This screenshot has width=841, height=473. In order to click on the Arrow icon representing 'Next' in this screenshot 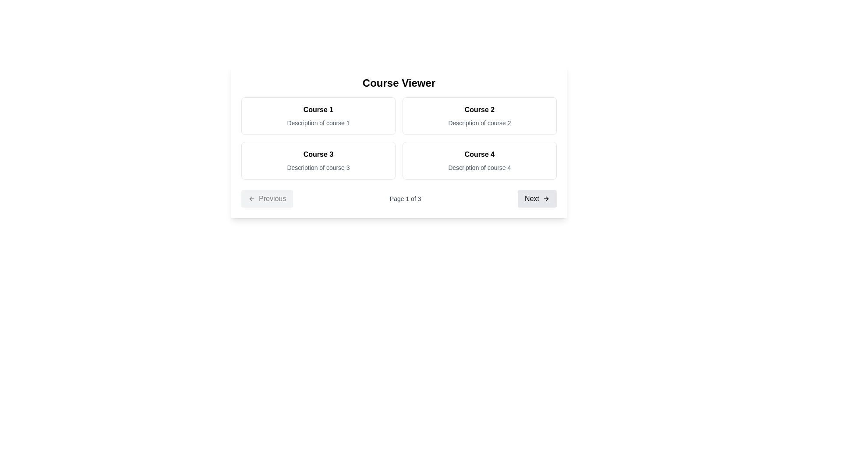, I will do `click(546, 199)`.